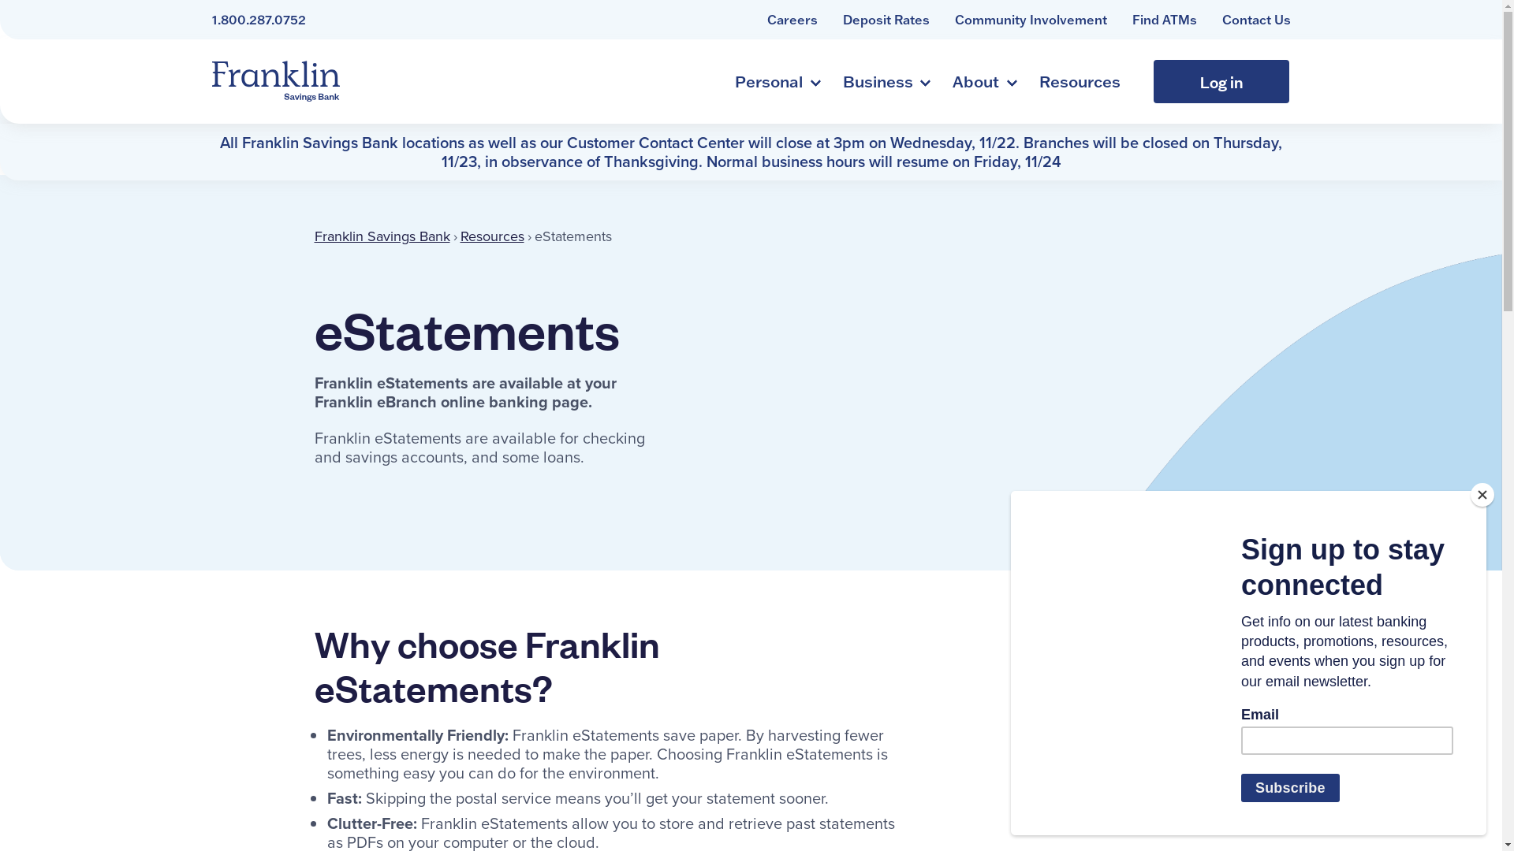 The width and height of the screenshot is (1514, 851). I want to click on '1.800.287.0752', so click(258, 19).